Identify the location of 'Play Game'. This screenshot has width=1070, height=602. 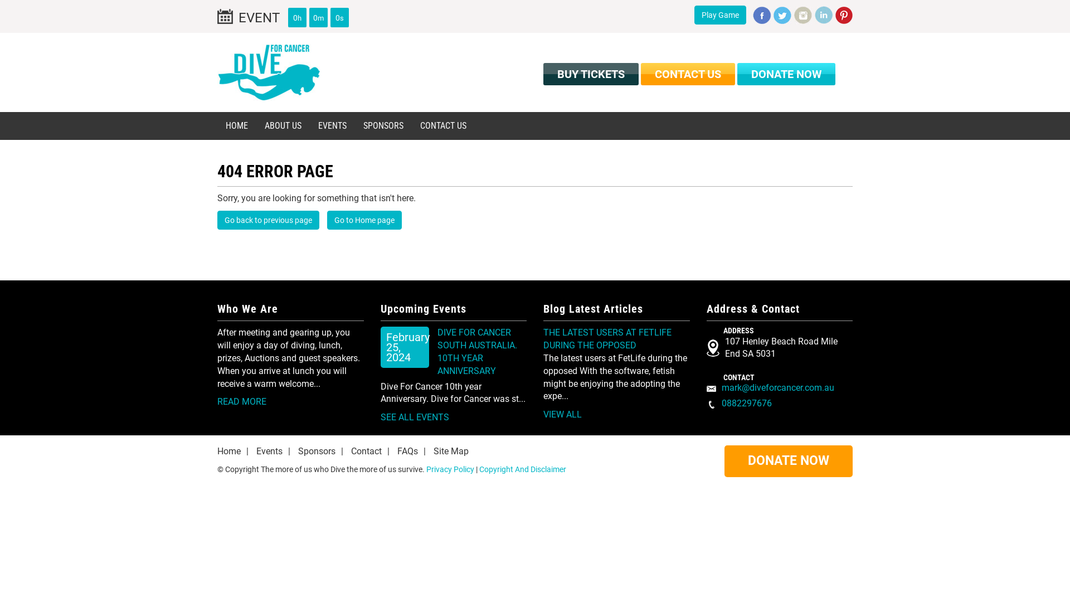
(720, 15).